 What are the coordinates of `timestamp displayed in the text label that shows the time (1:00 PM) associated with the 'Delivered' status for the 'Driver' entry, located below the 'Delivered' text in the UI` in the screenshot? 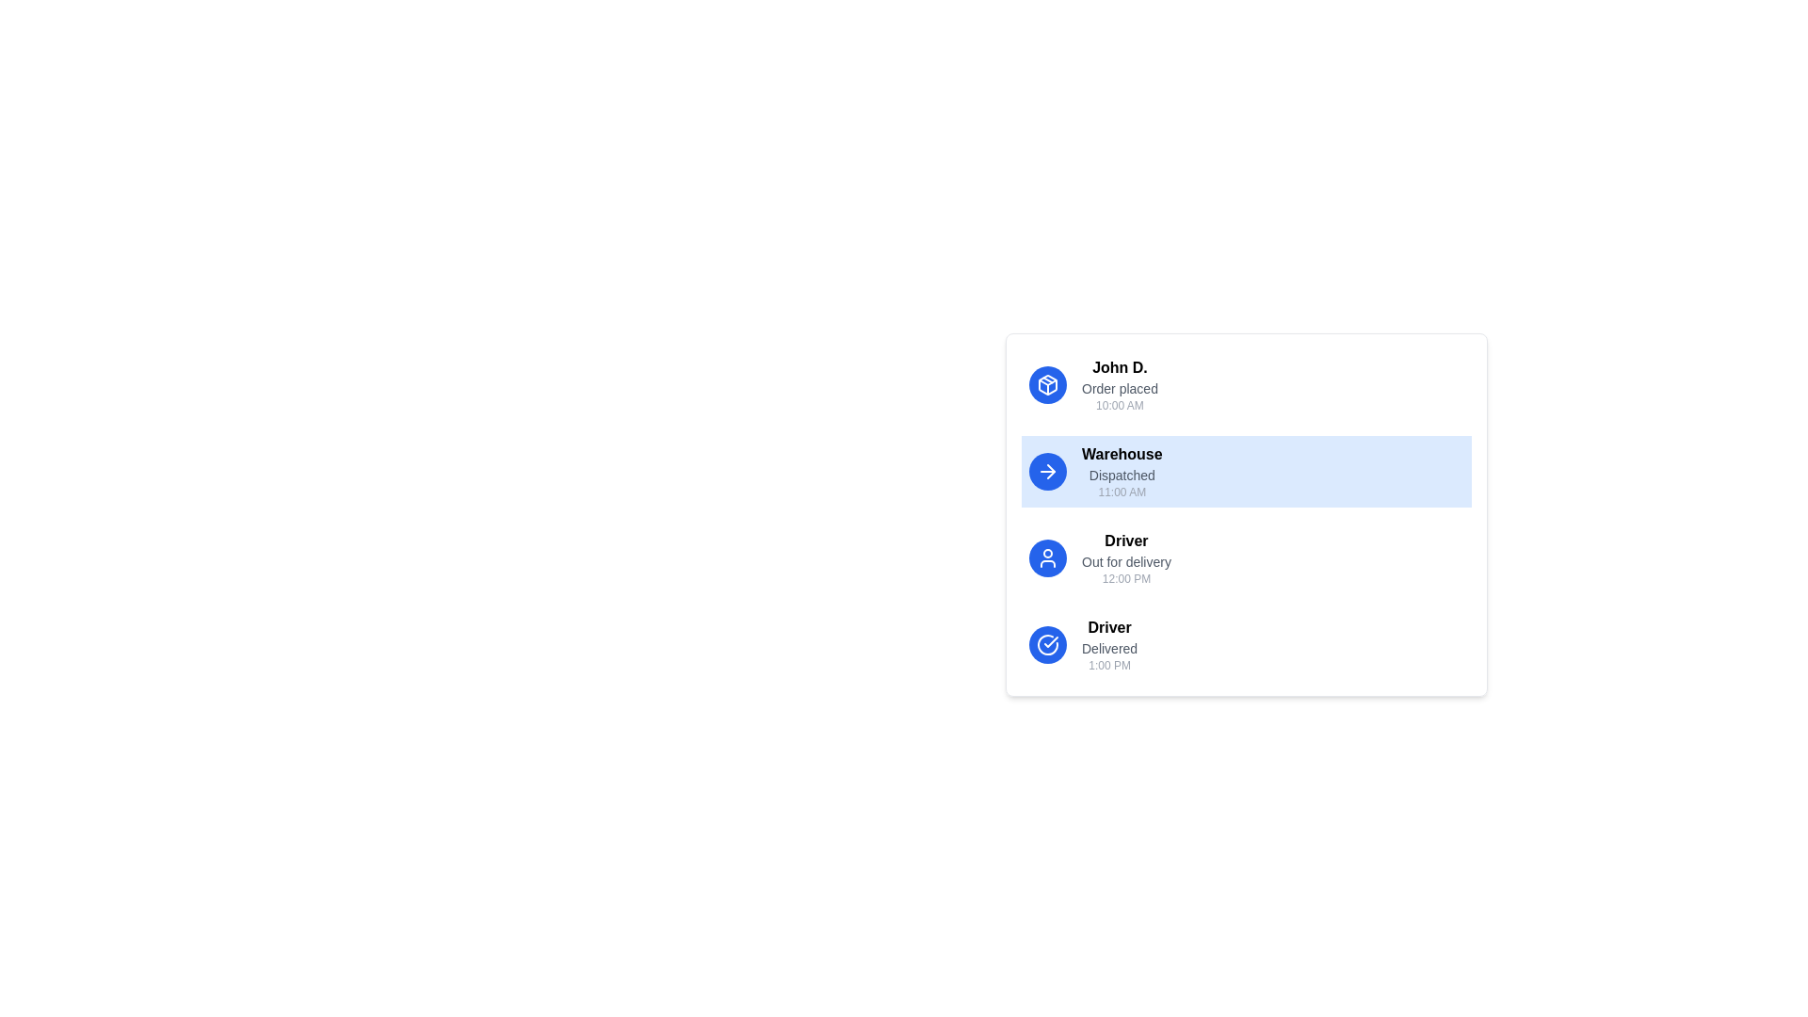 It's located at (1109, 664).